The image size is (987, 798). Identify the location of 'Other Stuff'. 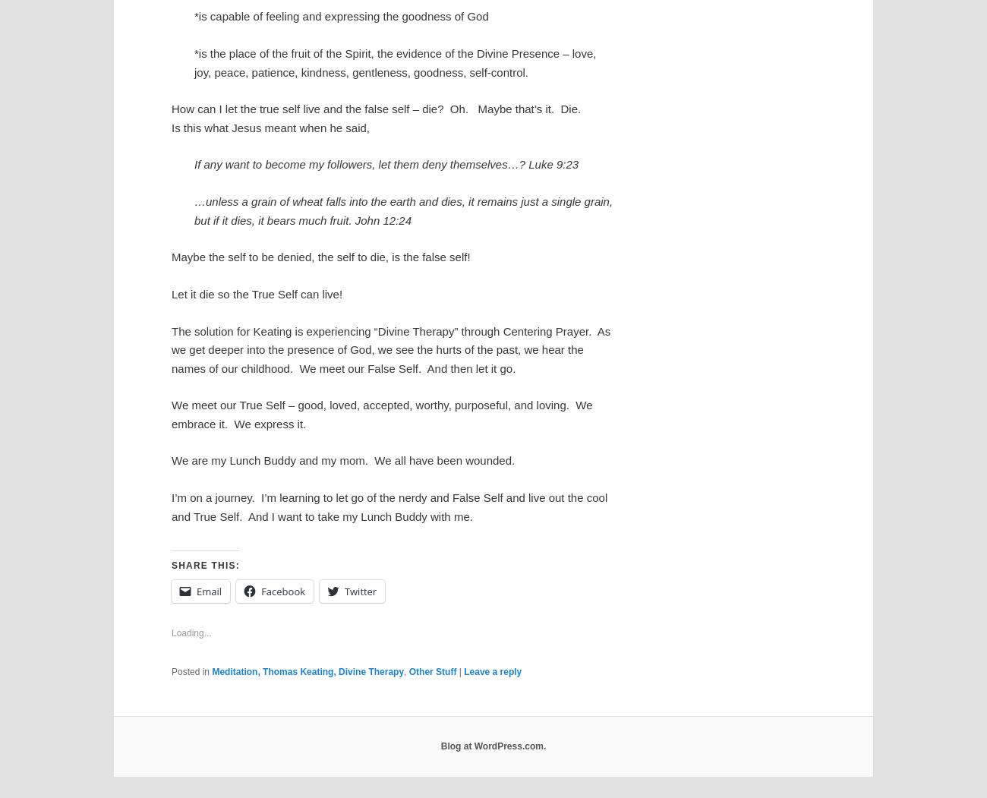
(431, 671).